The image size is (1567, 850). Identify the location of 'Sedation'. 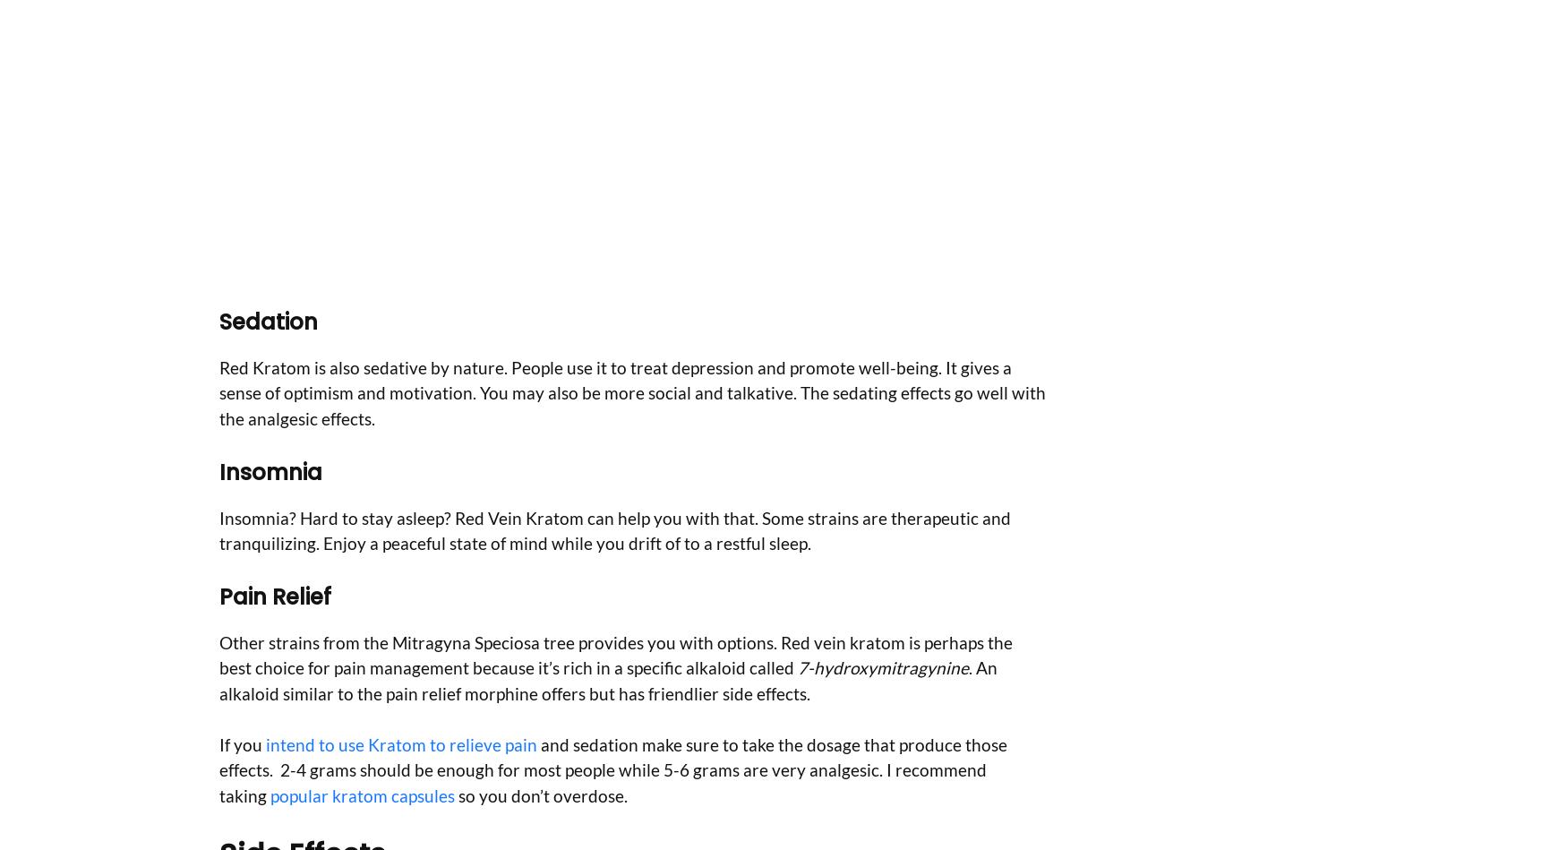
(267, 322).